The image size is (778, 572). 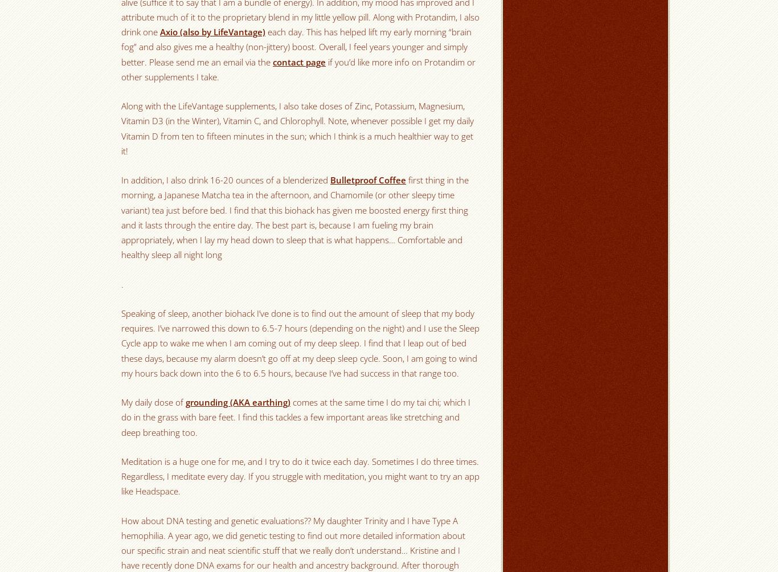 What do you see at coordinates (153, 402) in the screenshot?
I see `'My daily dose of'` at bounding box center [153, 402].